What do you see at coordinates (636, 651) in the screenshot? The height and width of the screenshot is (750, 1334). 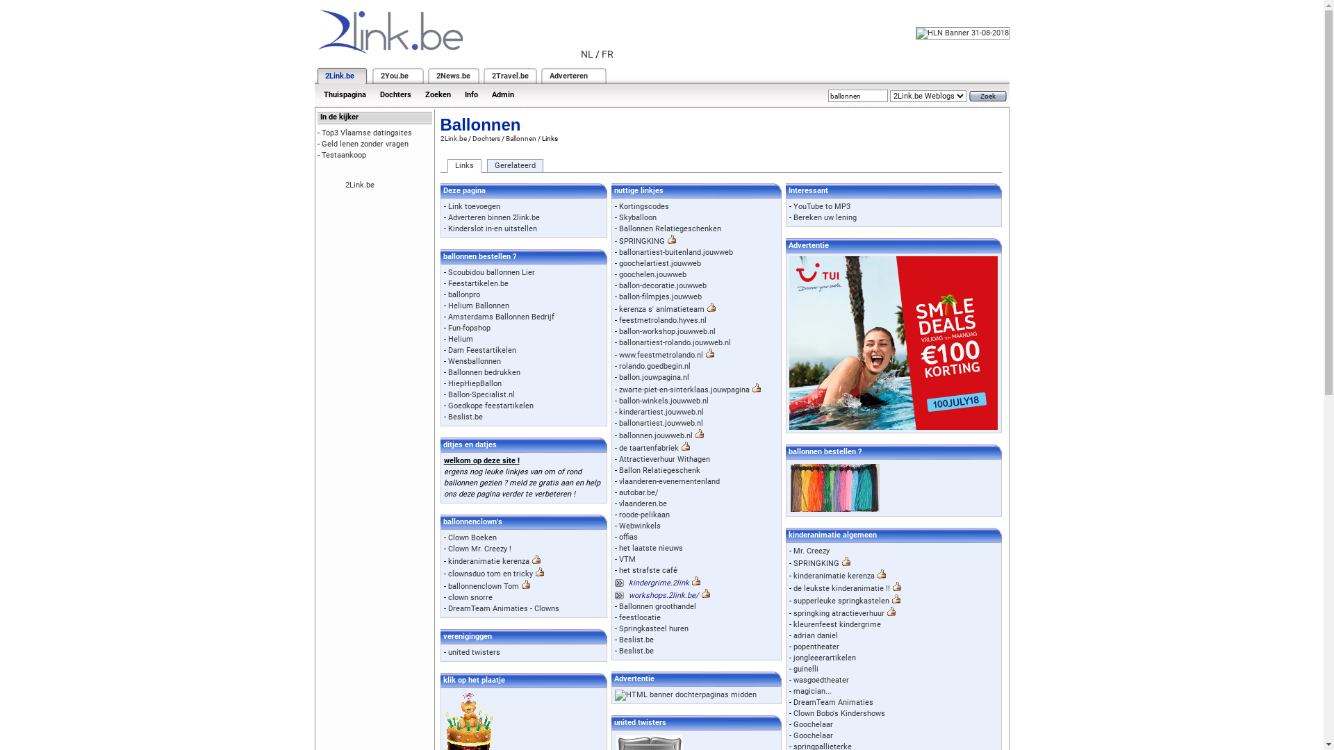 I see `'Beslist.be'` at bounding box center [636, 651].